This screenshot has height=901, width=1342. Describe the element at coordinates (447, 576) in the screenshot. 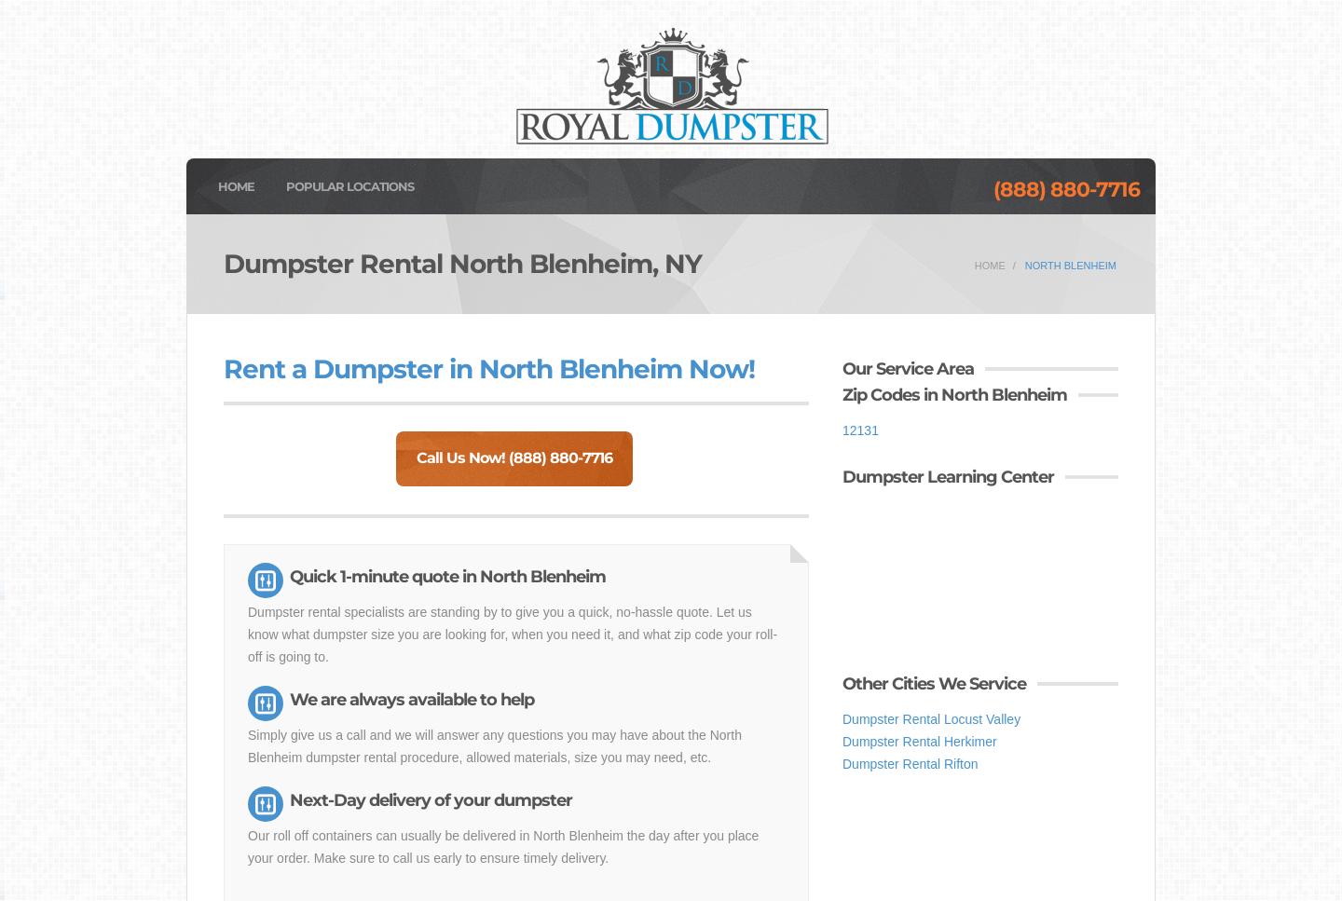

I see `'Quick 1-minute quote in North Blenheim'` at that location.